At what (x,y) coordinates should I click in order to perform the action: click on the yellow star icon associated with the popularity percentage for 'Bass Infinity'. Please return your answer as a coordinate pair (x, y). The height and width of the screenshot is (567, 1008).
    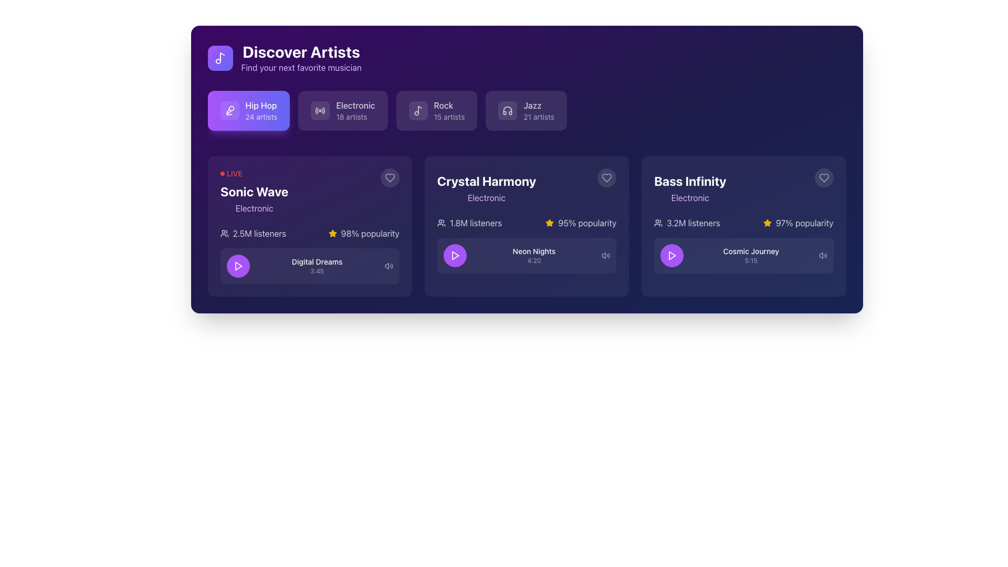
    Looking at the image, I should click on (767, 222).